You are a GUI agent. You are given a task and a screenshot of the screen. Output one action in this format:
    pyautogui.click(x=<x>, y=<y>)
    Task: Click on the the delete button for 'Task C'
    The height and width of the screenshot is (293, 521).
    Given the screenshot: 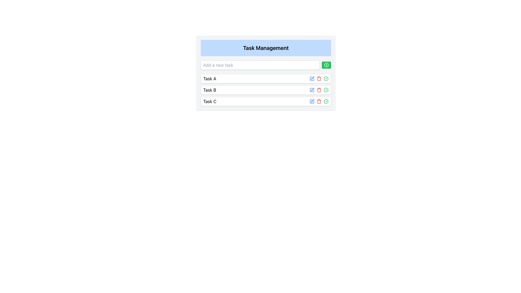 What is the action you would take?
    pyautogui.click(x=319, y=101)
    